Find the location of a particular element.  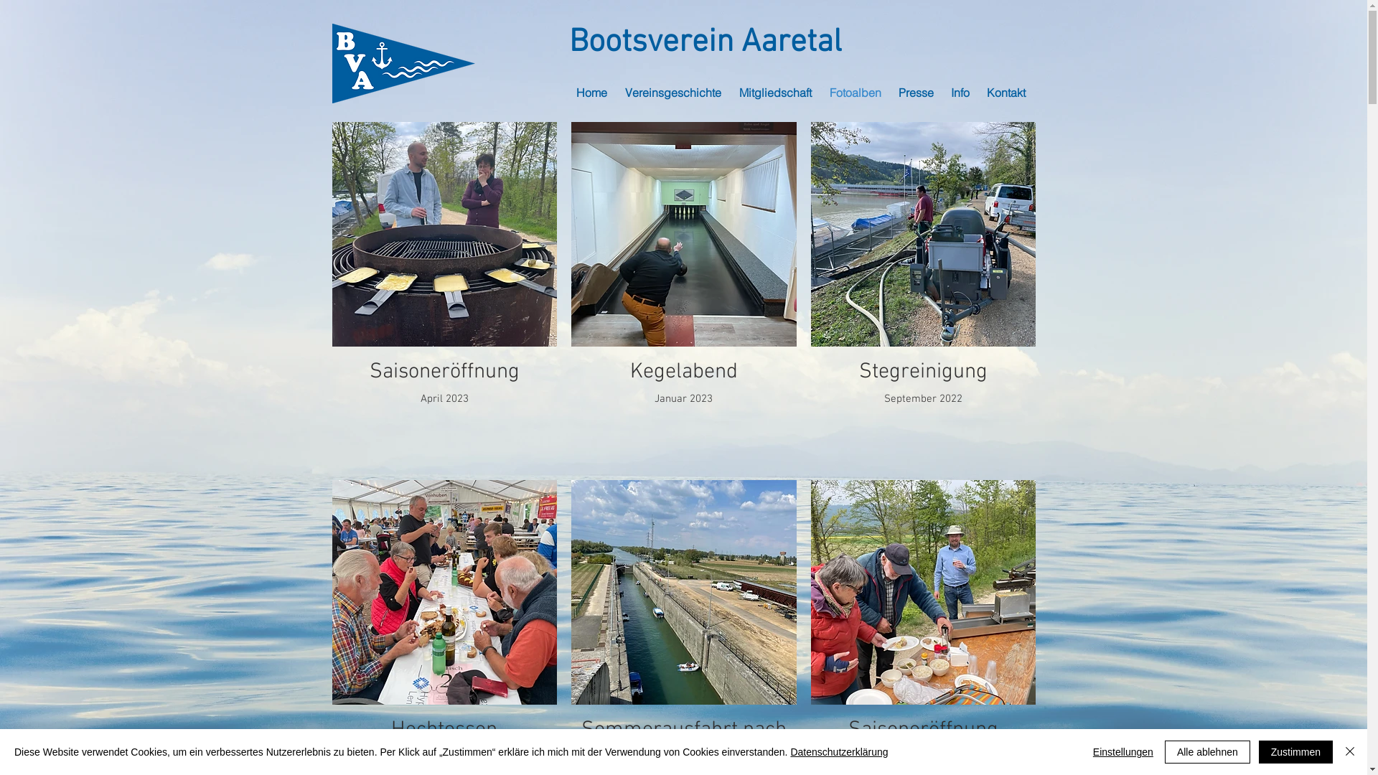

'Alle ablehnen' is located at coordinates (1164, 751).